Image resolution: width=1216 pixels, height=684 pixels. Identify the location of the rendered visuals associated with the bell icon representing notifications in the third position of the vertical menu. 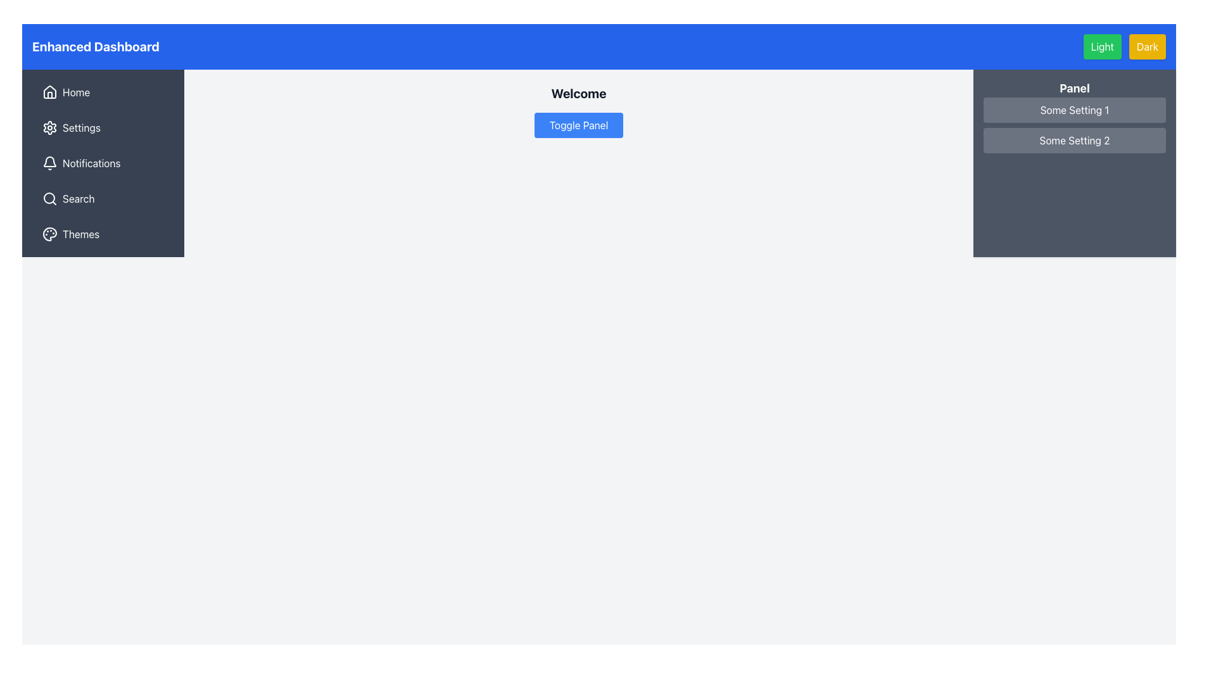
(49, 161).